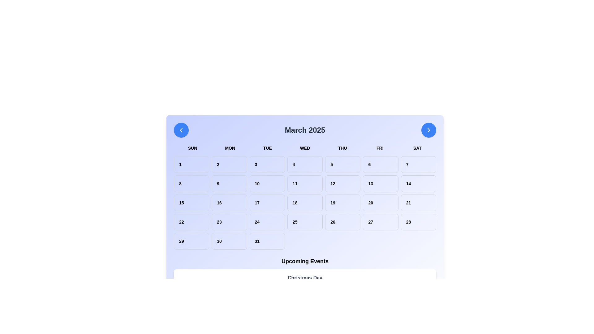  Describe the element at coordinates (305, 148) in the screenshot. I see `the row header element for the calendar, which indicates the names of the days of the week and is positioned below the calendar title` at that location.